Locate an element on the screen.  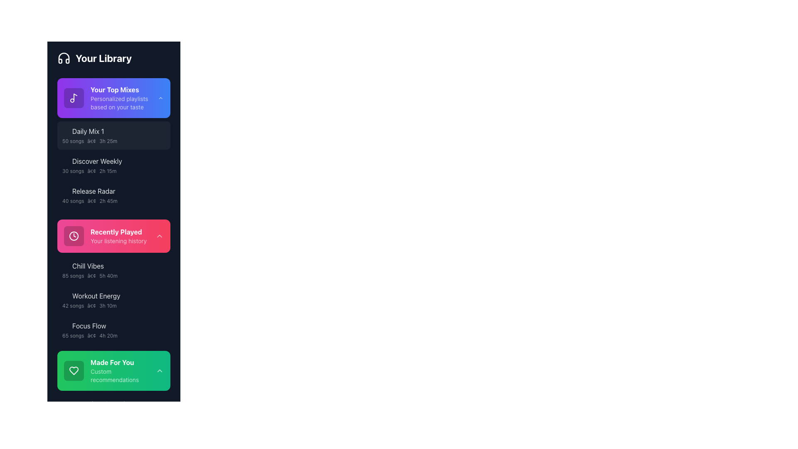
the play icon located to the left of the 'Workout Energy' text in the sidebar for accessibility navigation is located at coordinates (65, 296).